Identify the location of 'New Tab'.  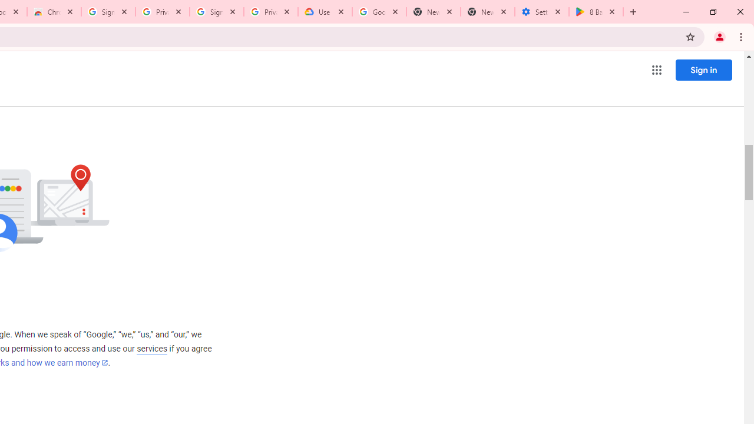
(488, 12).